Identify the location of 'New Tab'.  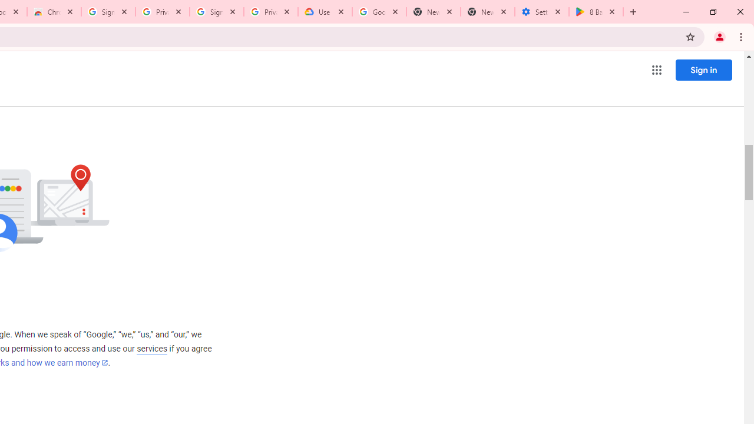
(488, 12).